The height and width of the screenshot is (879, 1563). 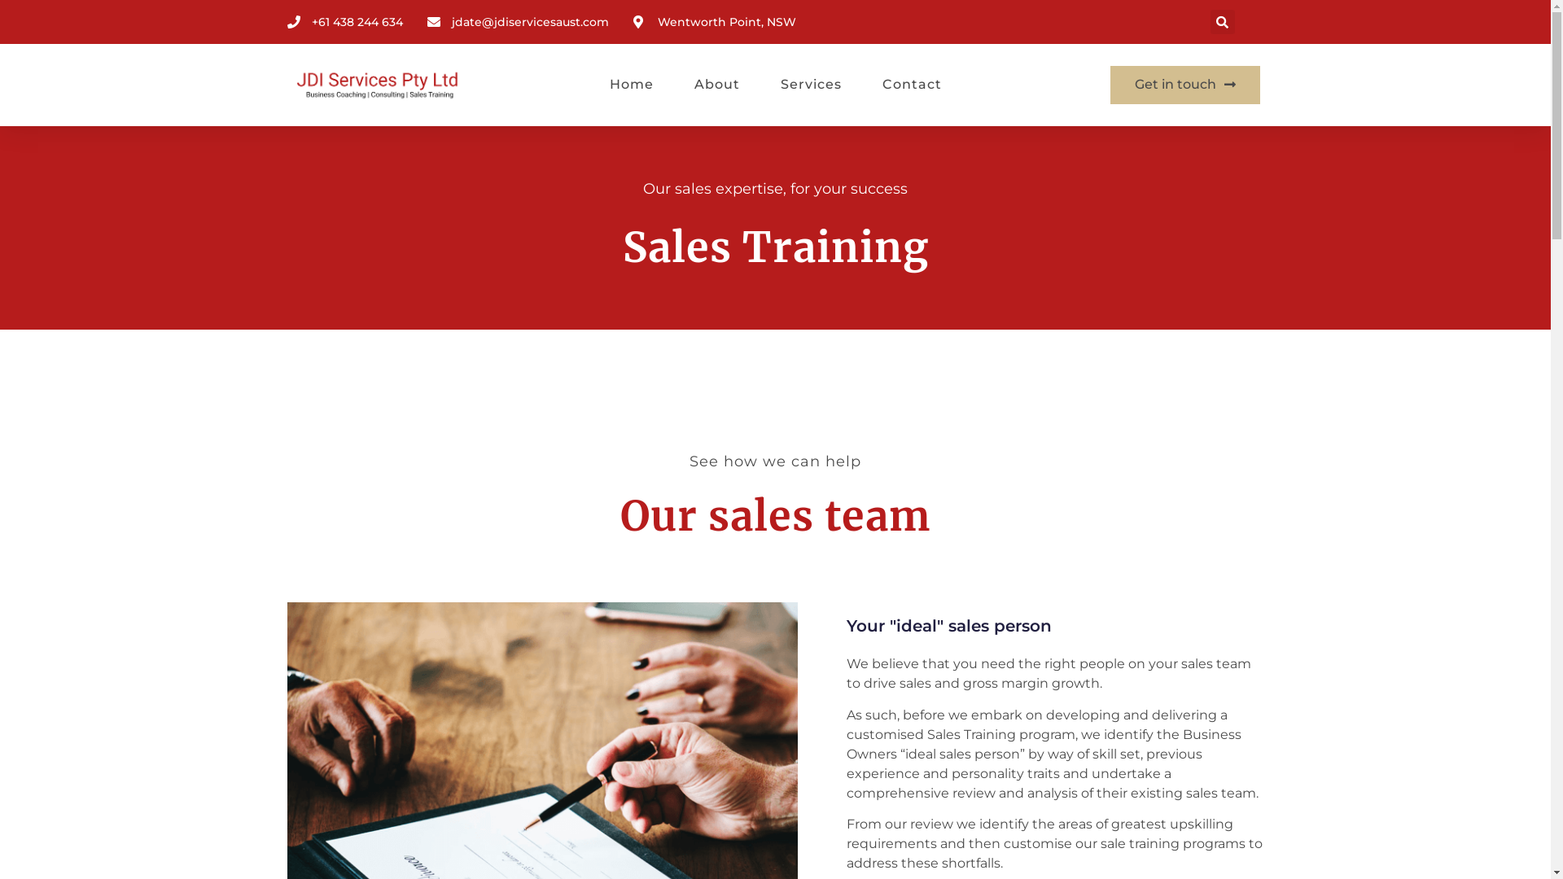 What do you see at coordinates (629, 85) in the screenshot?
I see `'Home'` at bounding box center [629, 85].